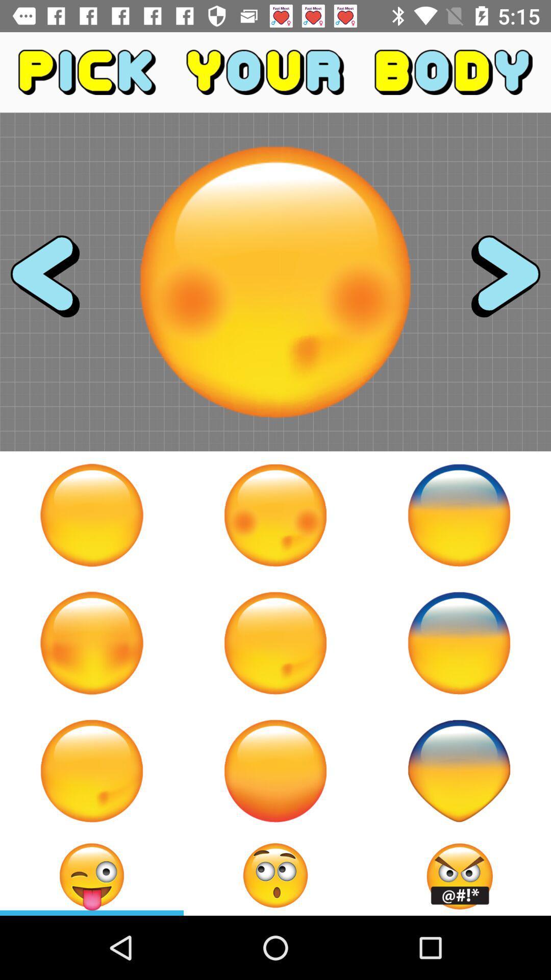 The image size is (551, 980). I want to click on open a menu, so click(275, 875).